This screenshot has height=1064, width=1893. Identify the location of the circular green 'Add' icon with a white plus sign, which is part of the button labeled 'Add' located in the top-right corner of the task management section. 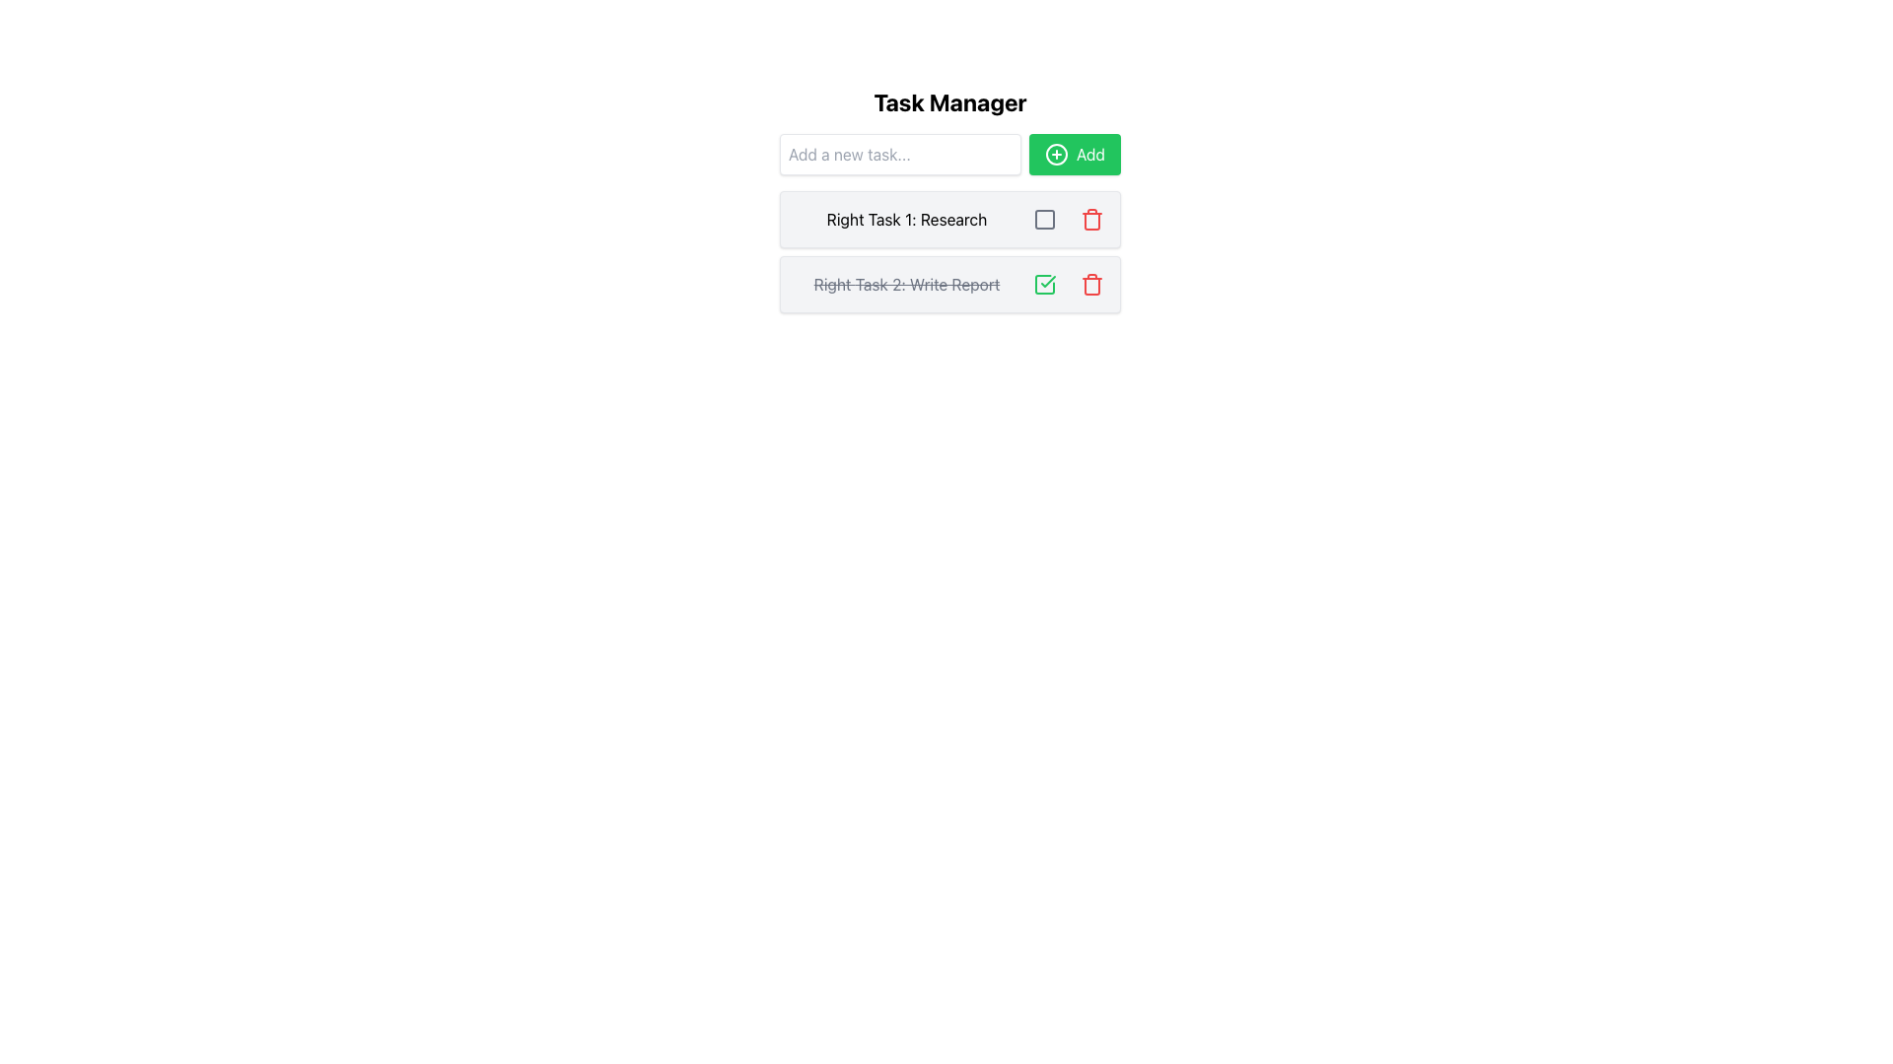
(1055, 154).